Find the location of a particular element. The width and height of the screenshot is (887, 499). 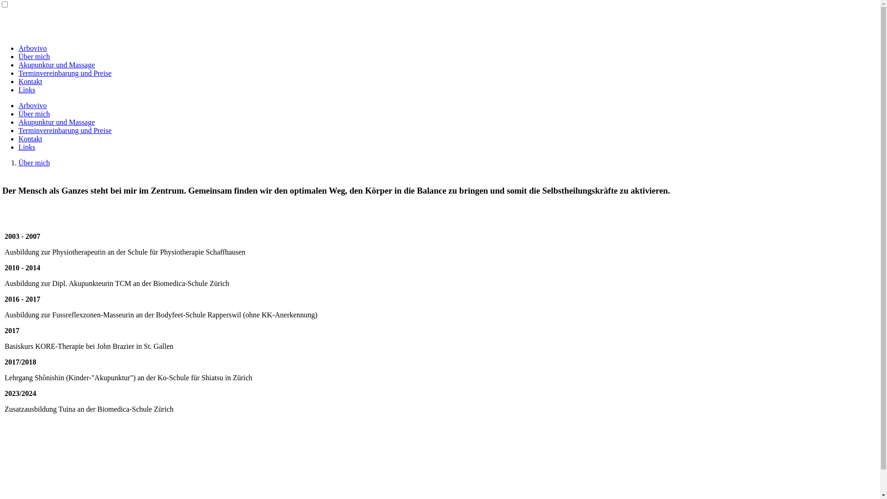

'Terminvereinbarung und Preise' is located at coordinates (64, 130).